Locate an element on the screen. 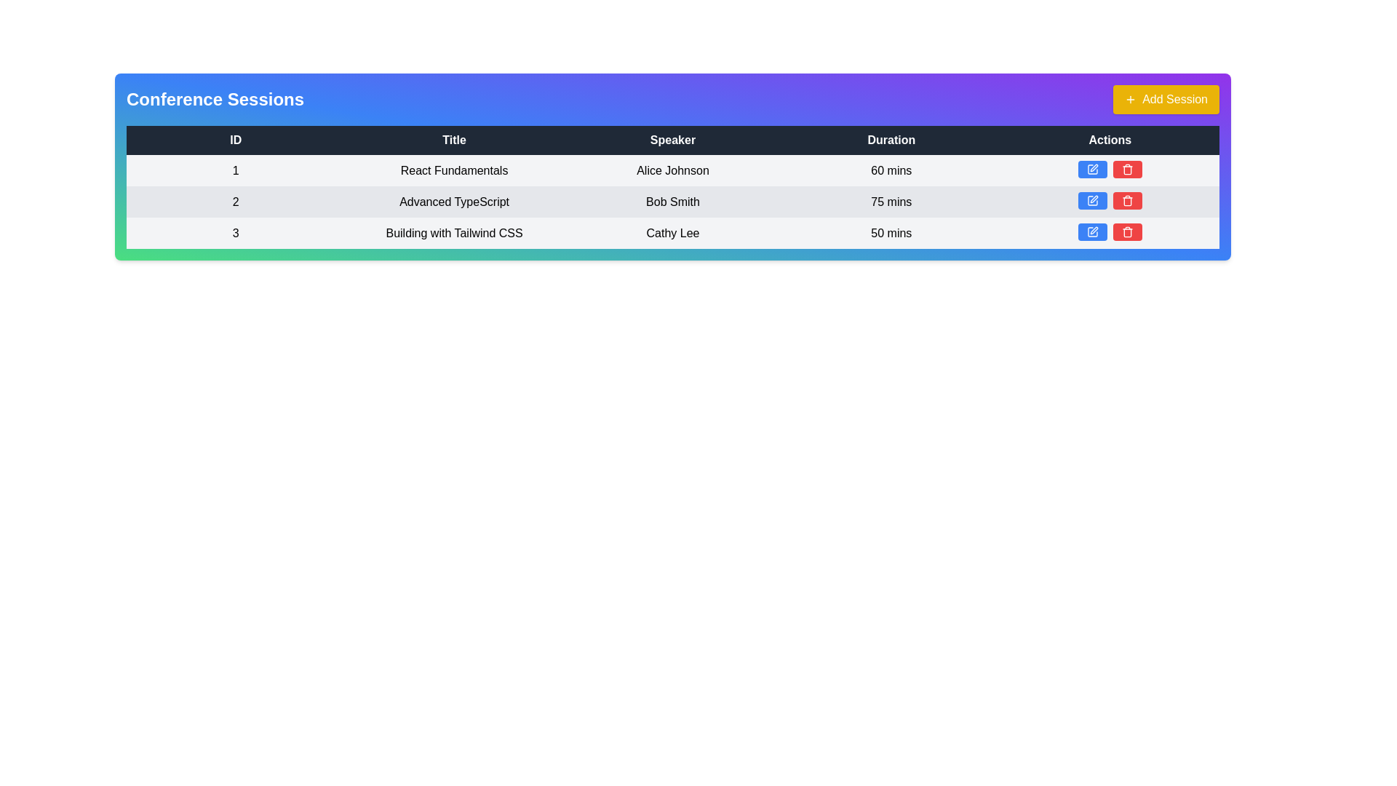  the plus-shaped icon located to the left of the 'Add Session' text within the yellow button at the top right corner of the interface is located at coordinates (1130, 99).